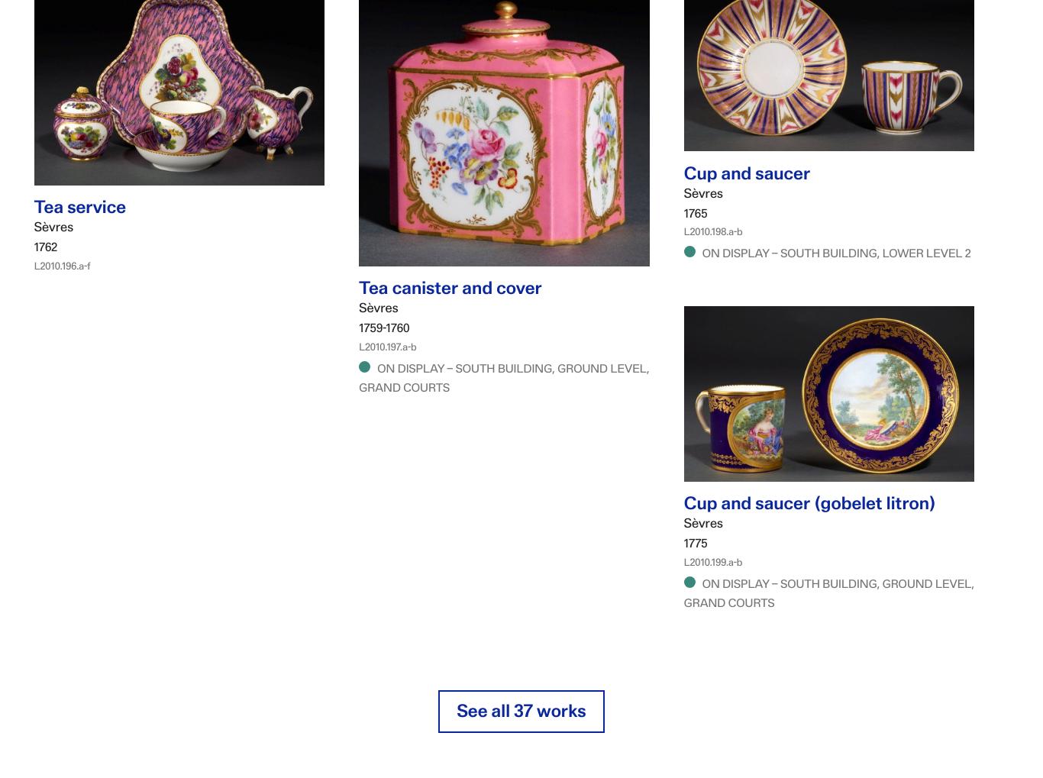 The height and width of the screenshot is (778, 1043). I want to click on 'L2010.199.a-b', so click(735, 574).